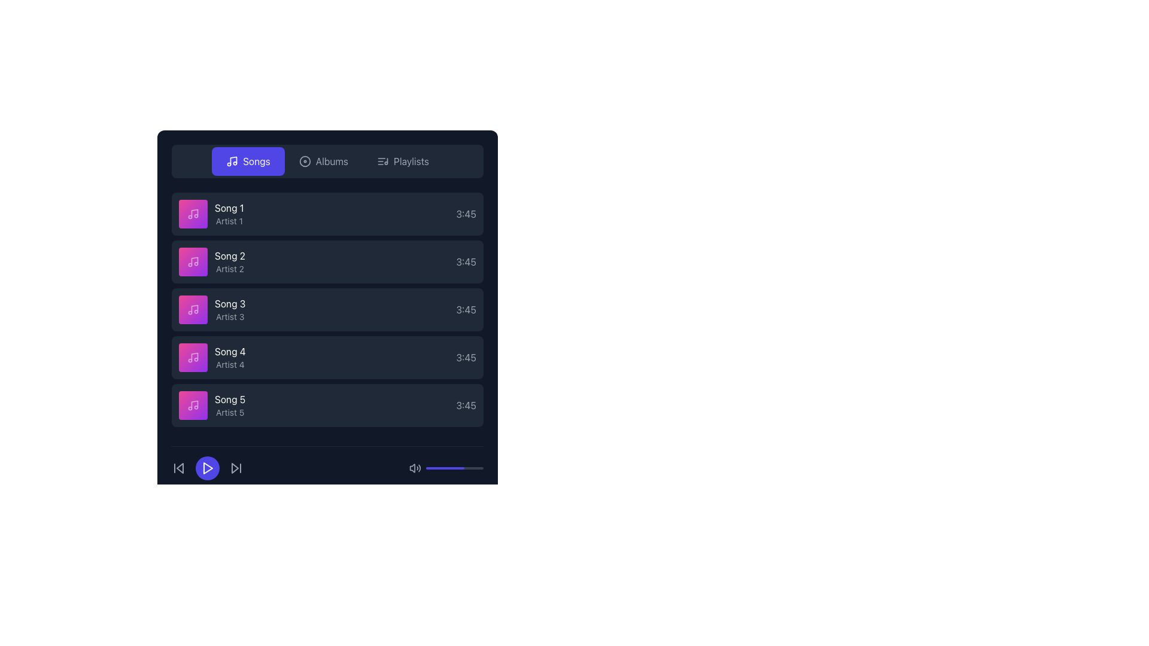 The height and width of the screenshot is (646, 1149). I want to click on the volume, so click(439, 468).